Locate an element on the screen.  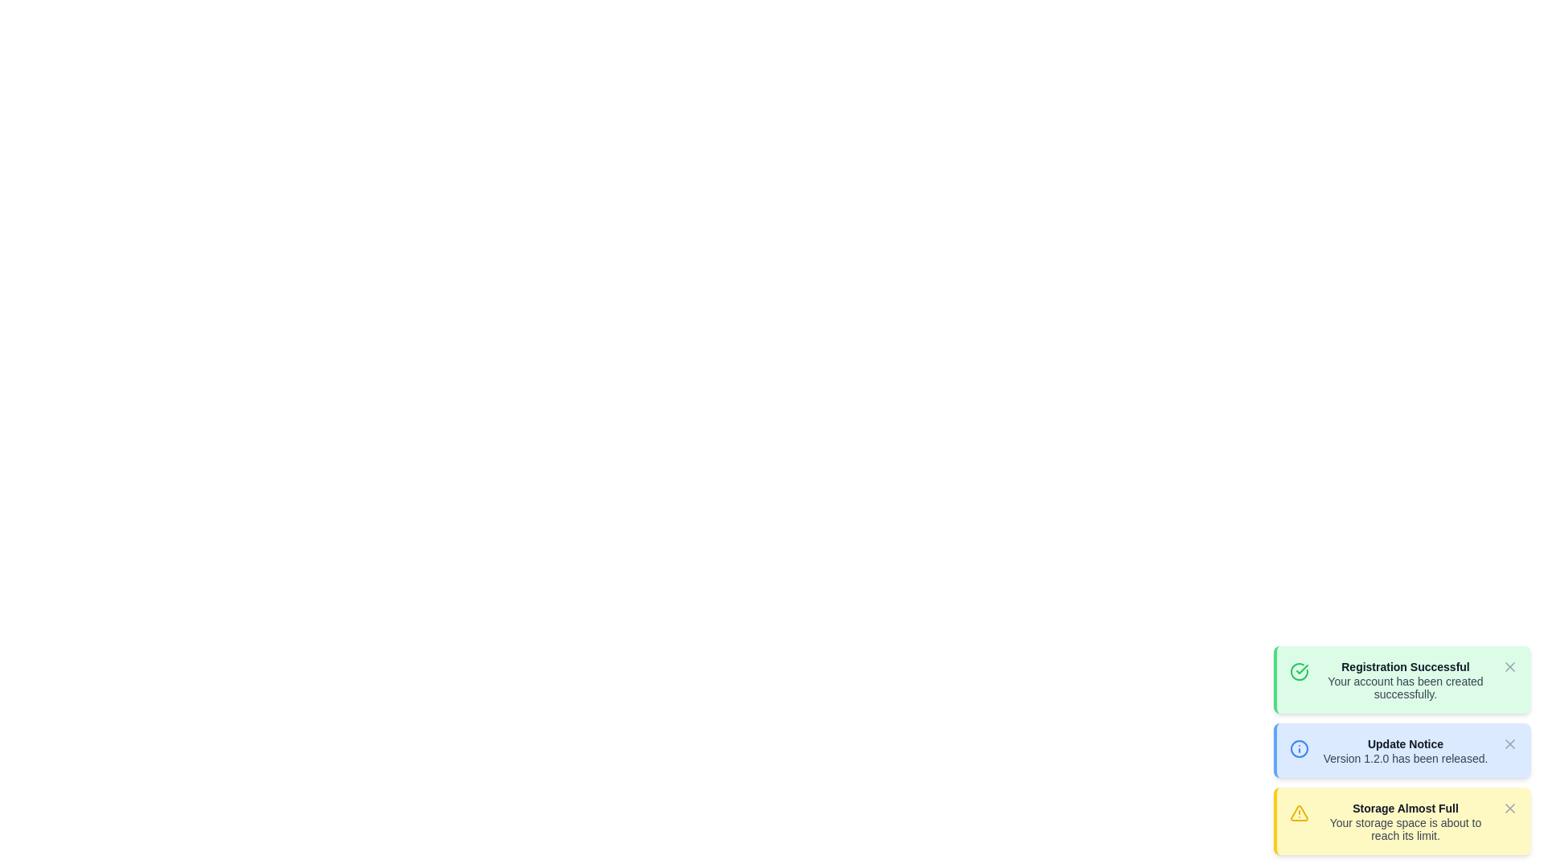
the text label stating 'Version 1.2.0 has been released.' which is styled in a smaller font size with gray coloring, located beneath the 'Update Notice' in a notification card with a blue background is located at coordinates (1404, 759).